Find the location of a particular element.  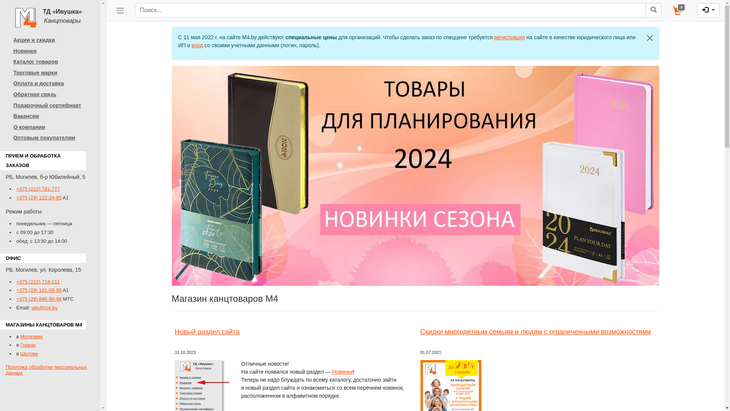

'+375 (29) 122-24-85' is located at coordinates (38, 197).